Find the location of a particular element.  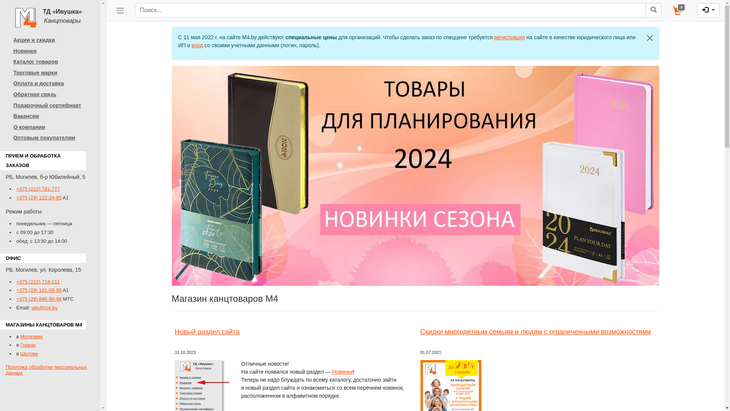

'+375 (29) 122-24-85' is located at coordinates (38, 197).